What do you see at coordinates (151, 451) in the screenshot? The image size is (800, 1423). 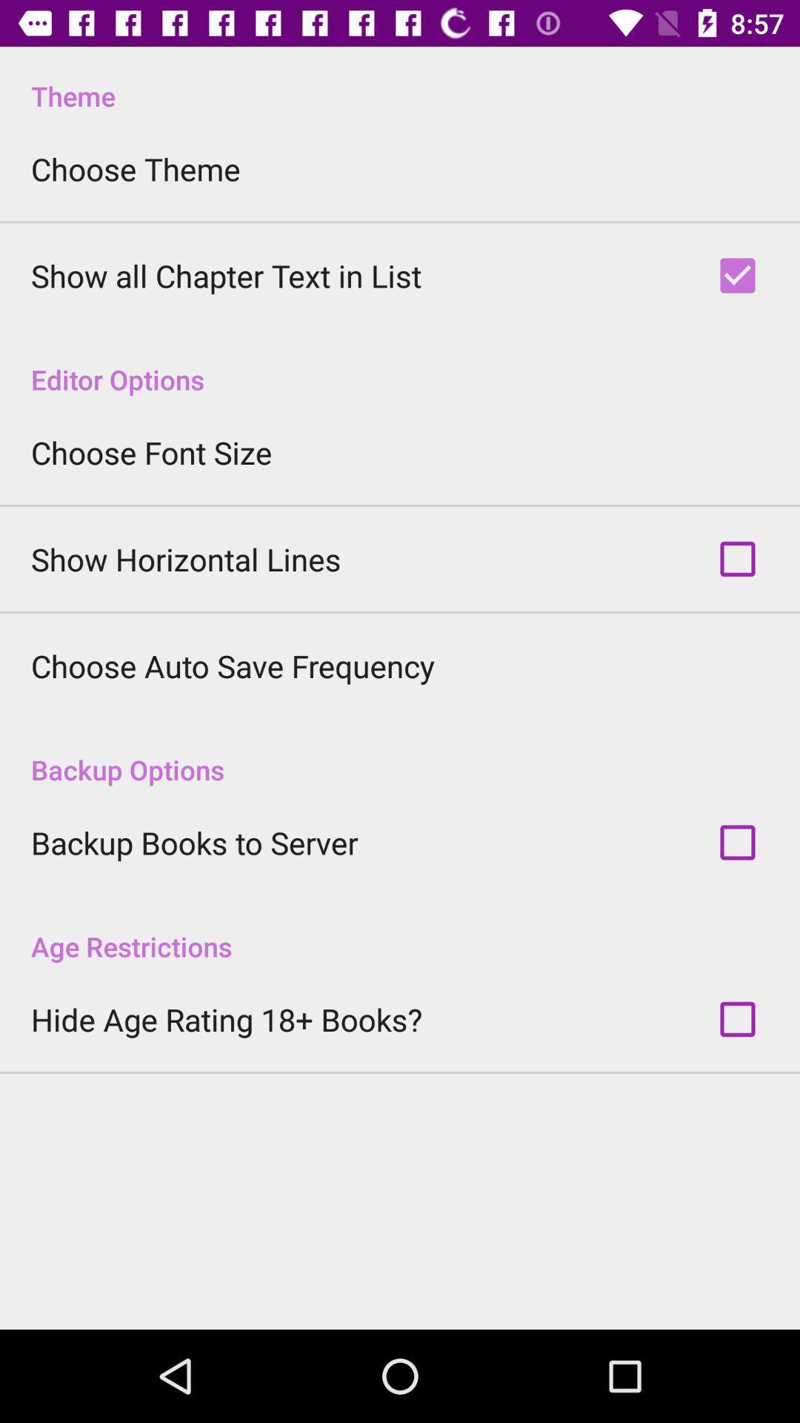 I see `the choose font size` at bounding box center [151, 451].